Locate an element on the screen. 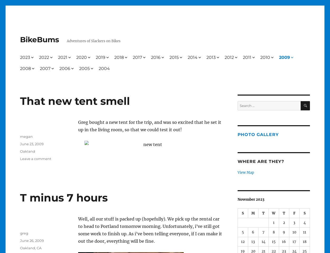 The image size is (330, 253). '1' is located at coordinates (274, 222).